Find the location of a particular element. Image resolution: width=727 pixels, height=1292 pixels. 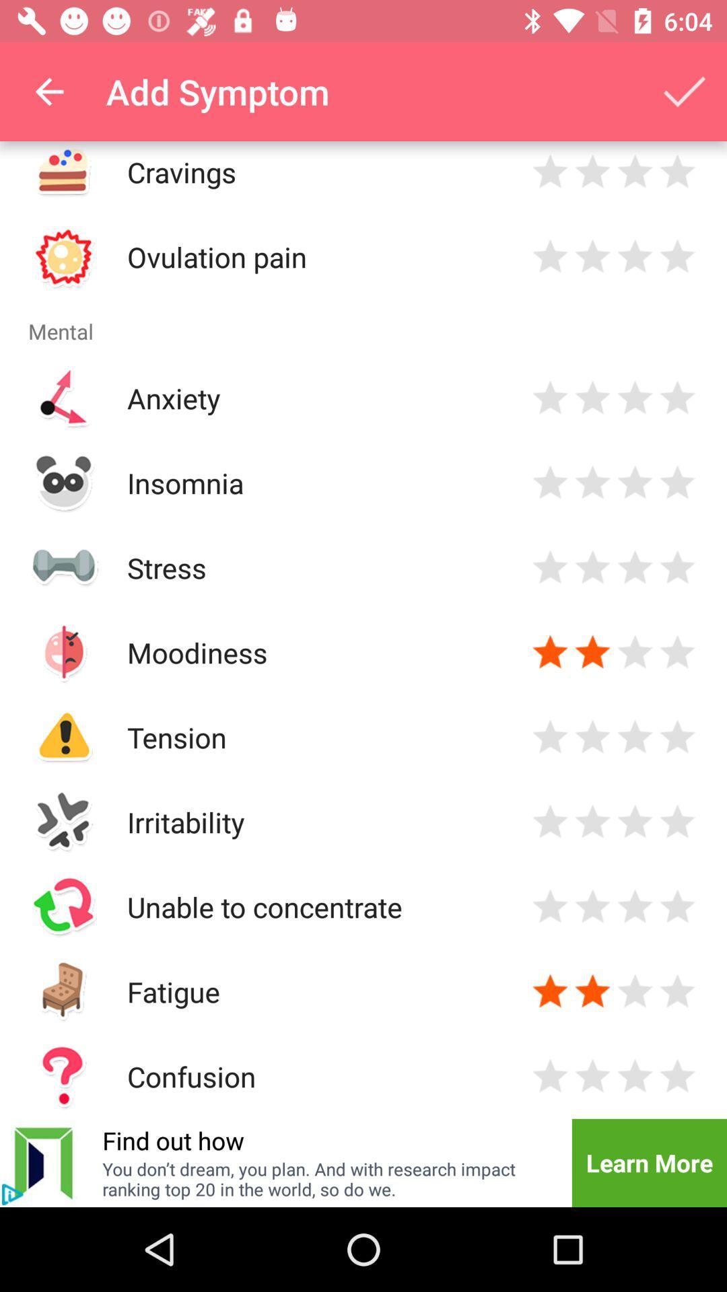

i 'm really confused is located at coordinates (635, 1075).